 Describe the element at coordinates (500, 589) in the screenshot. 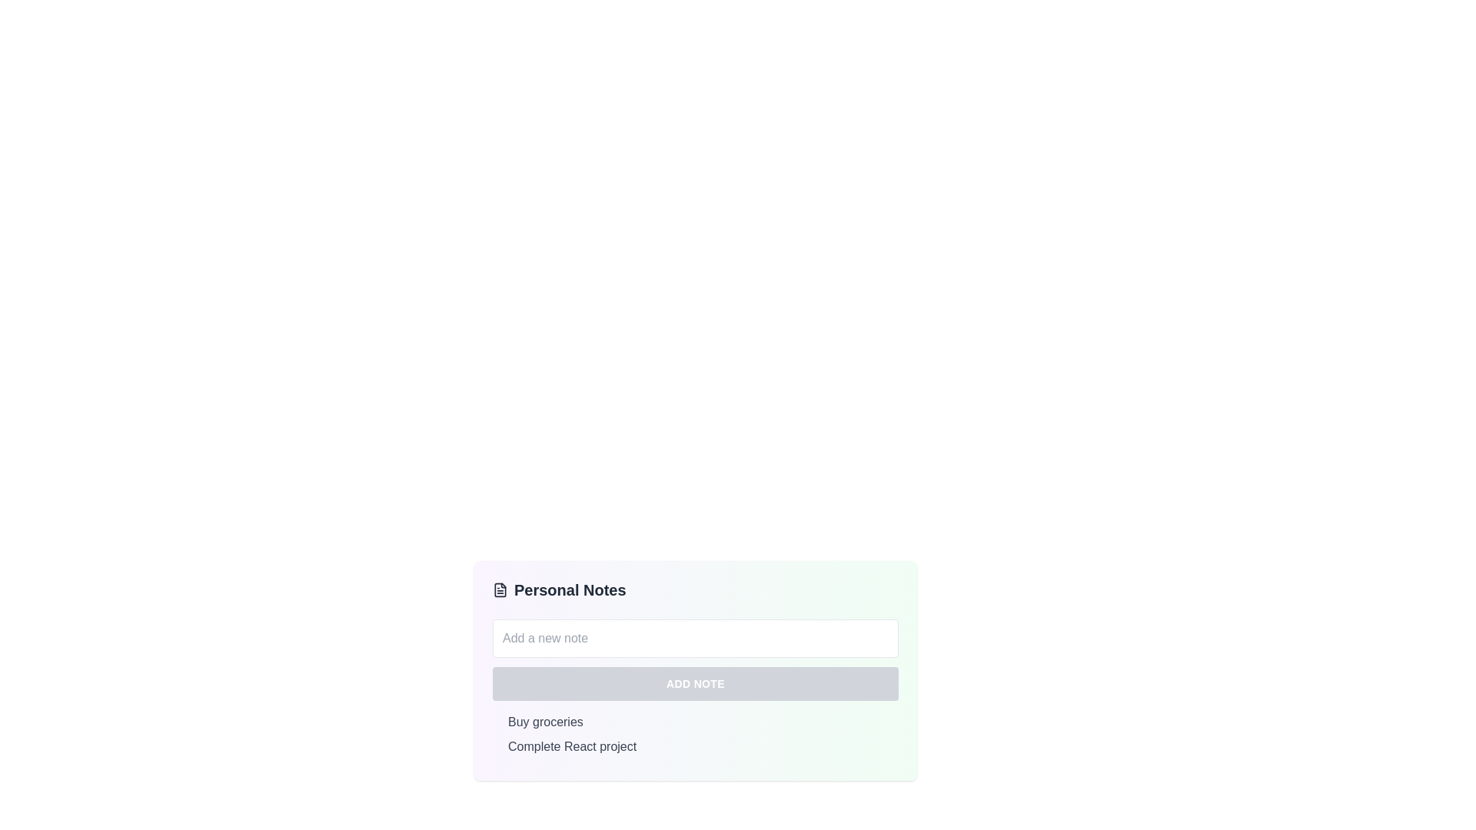

I see `the icon representing 'Personal Notes' which visually suggests it relates to notes or documents, positioned at the beginning of the title` at that location.